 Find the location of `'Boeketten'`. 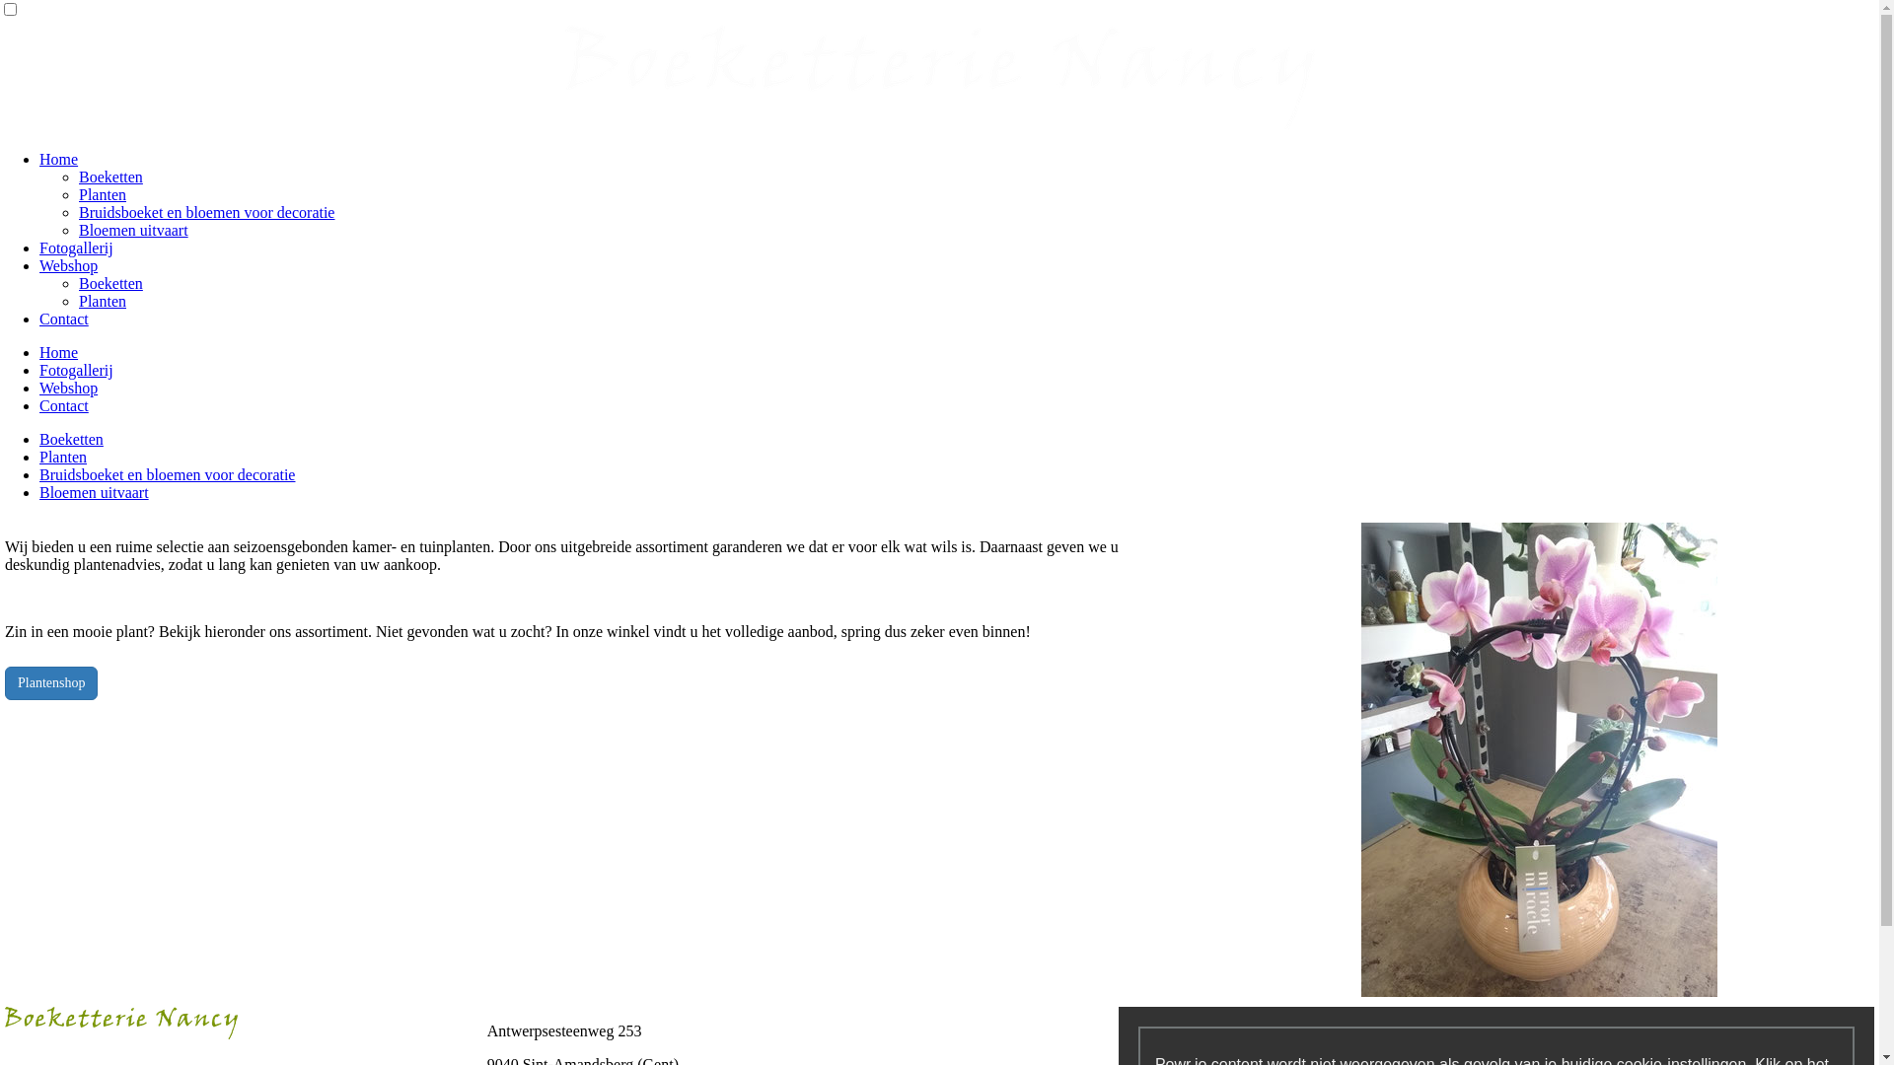

'Boeketten' is located at coordinates (71, 438).